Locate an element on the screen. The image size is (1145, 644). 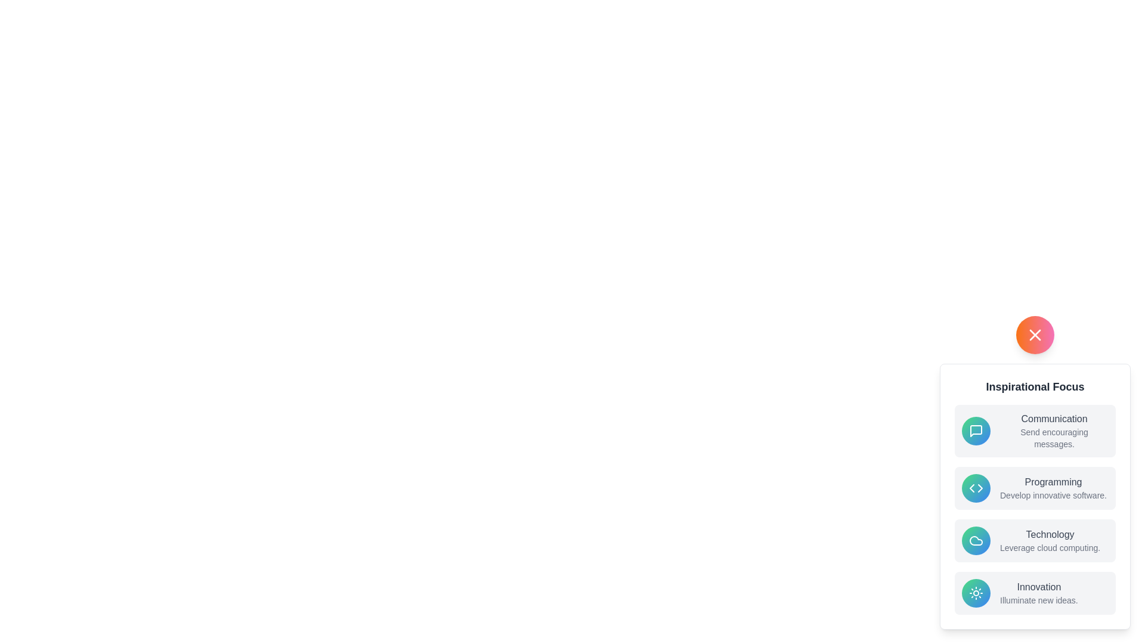
the menu option Innovation is located at coordinates (1035, 593).